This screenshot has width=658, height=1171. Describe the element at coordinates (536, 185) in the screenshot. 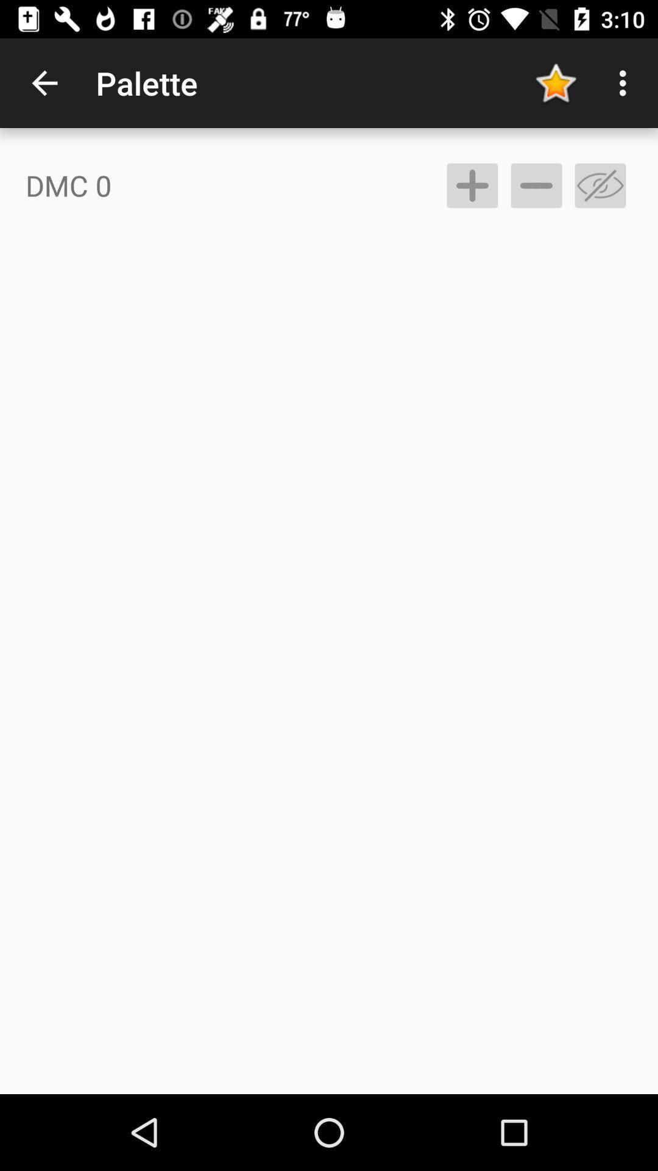

I see `zoom out` at that location.